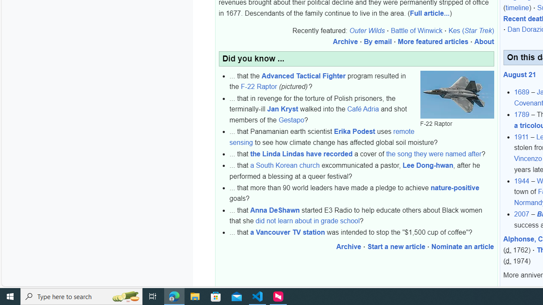 This screenshot has height=305, width=543. I want to click on 'did not learn about in grade school', so click(307, 221).